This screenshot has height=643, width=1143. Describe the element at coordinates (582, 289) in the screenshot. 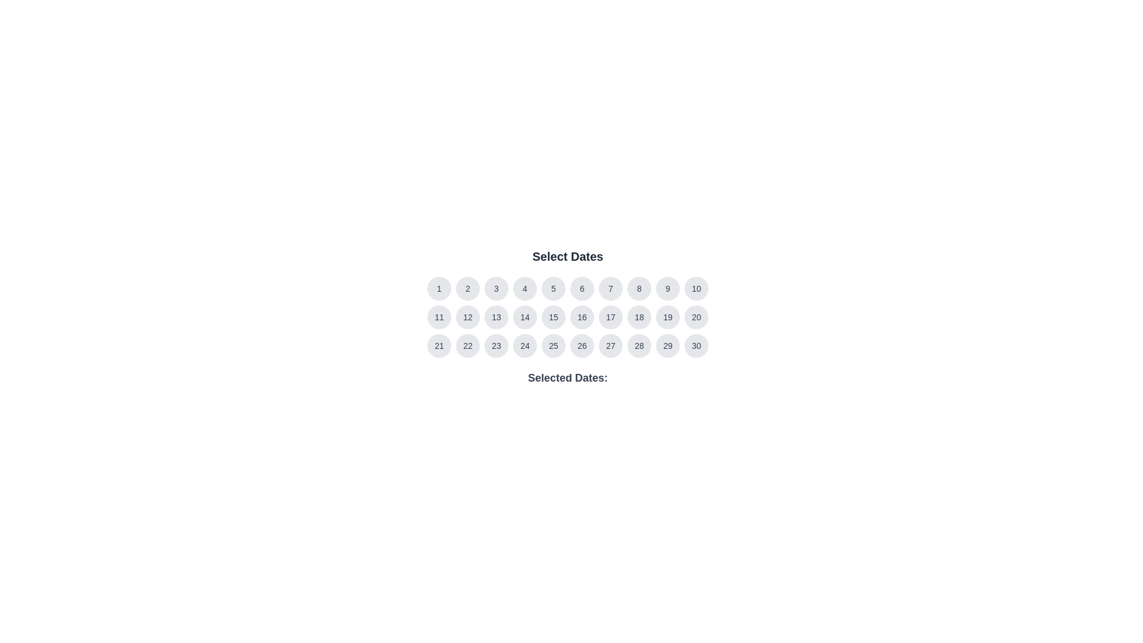

I see `the button representing the value '6', which is the sixth button in the first row of a grid layout below the 'Select Dates' label` at that location.